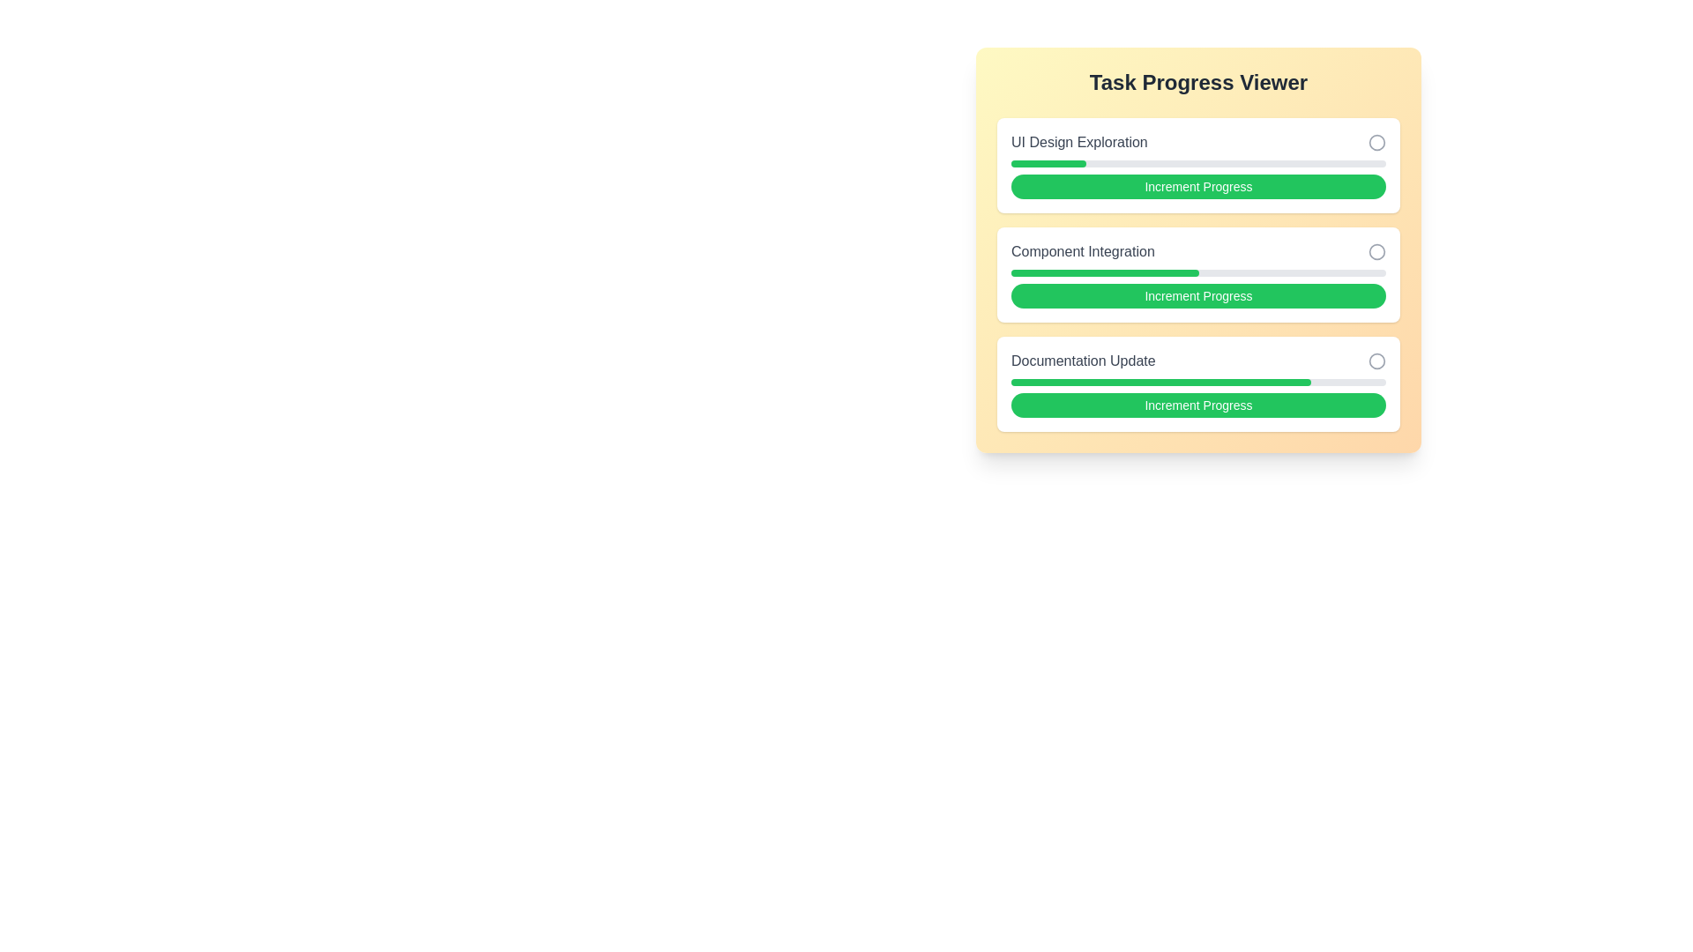 The image size is (1693, 952). What do you see at coordinates (1048, 163) in the screenshot?
I see `the progress indicator for the 'UI Design Exploration' task, which visually represents the percentage of completion within the task management interface` at bounding box center [1048, 163].